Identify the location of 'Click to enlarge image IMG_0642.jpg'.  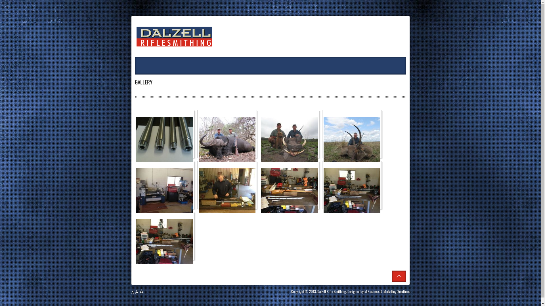
(227, 140).